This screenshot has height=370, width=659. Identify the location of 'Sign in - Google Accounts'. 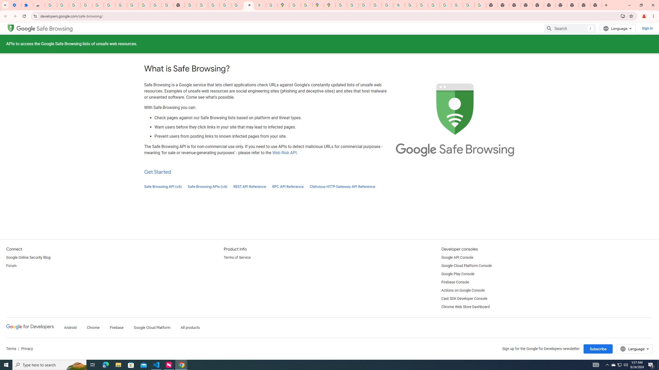
(51, 5).